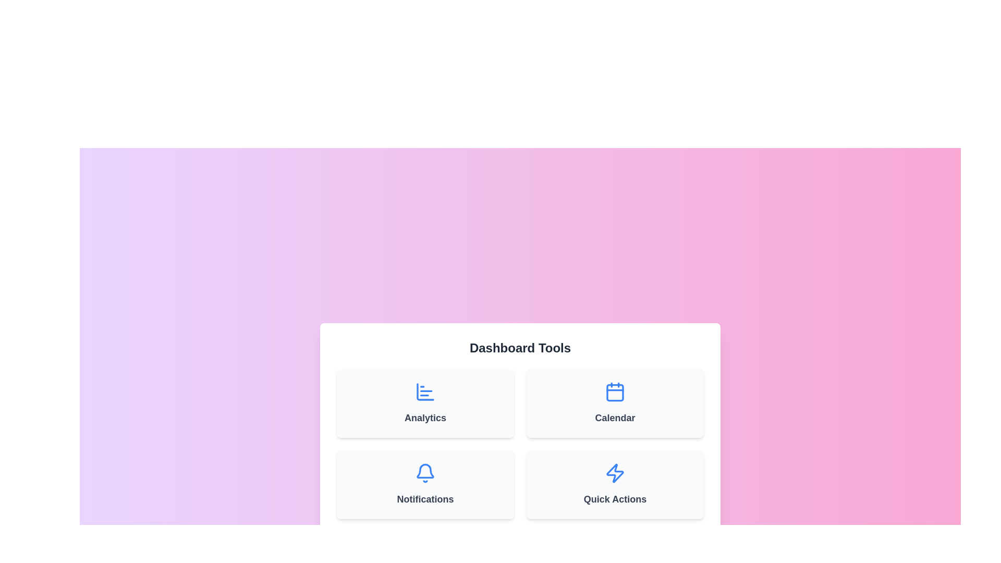 The height and width of the screenshot is (563, 1001). I want to click on the blue lightning bolt icon within the 'Quick Actions' button, so click(615, 473).